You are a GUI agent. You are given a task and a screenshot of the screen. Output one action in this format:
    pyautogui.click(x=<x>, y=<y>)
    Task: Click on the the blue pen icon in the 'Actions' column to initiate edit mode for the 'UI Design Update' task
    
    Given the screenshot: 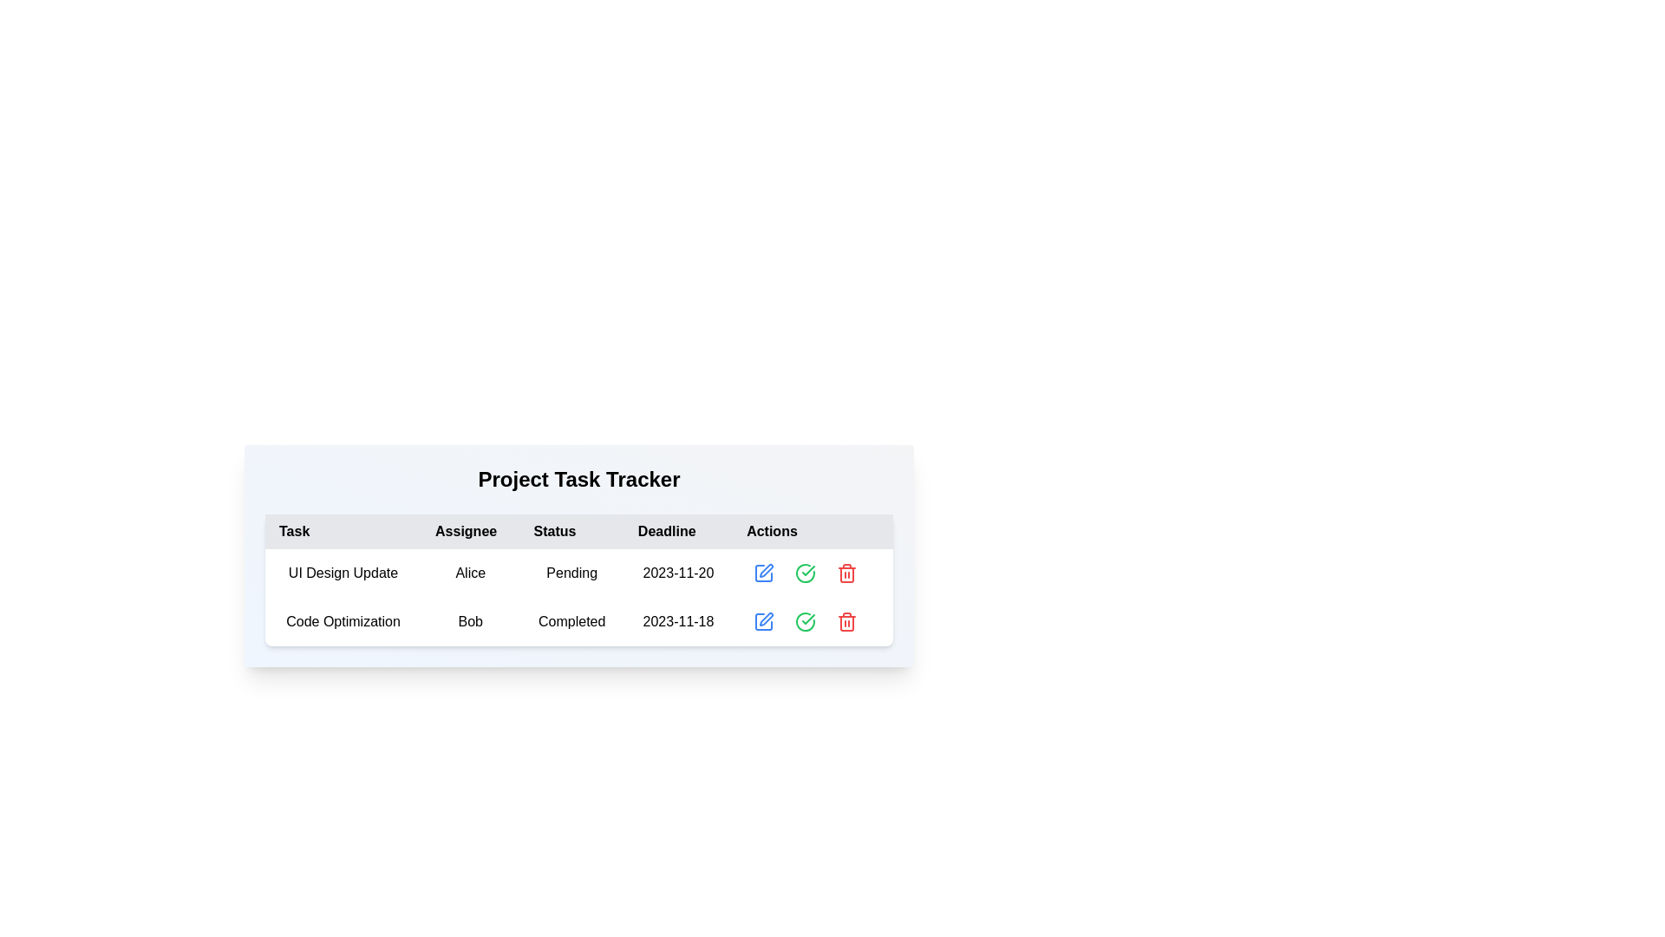 What is the action you would take?
    pyautogui.click(x=765, y=571)
    